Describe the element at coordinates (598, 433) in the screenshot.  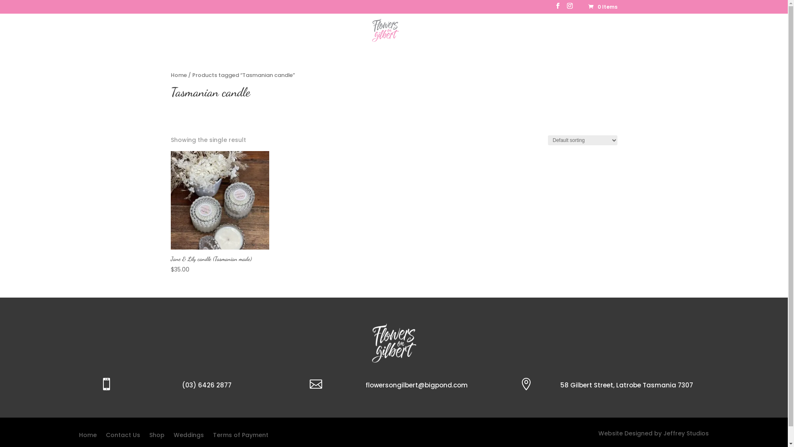
I see `'Website Designed by Jeffrey Studios'` at that location.